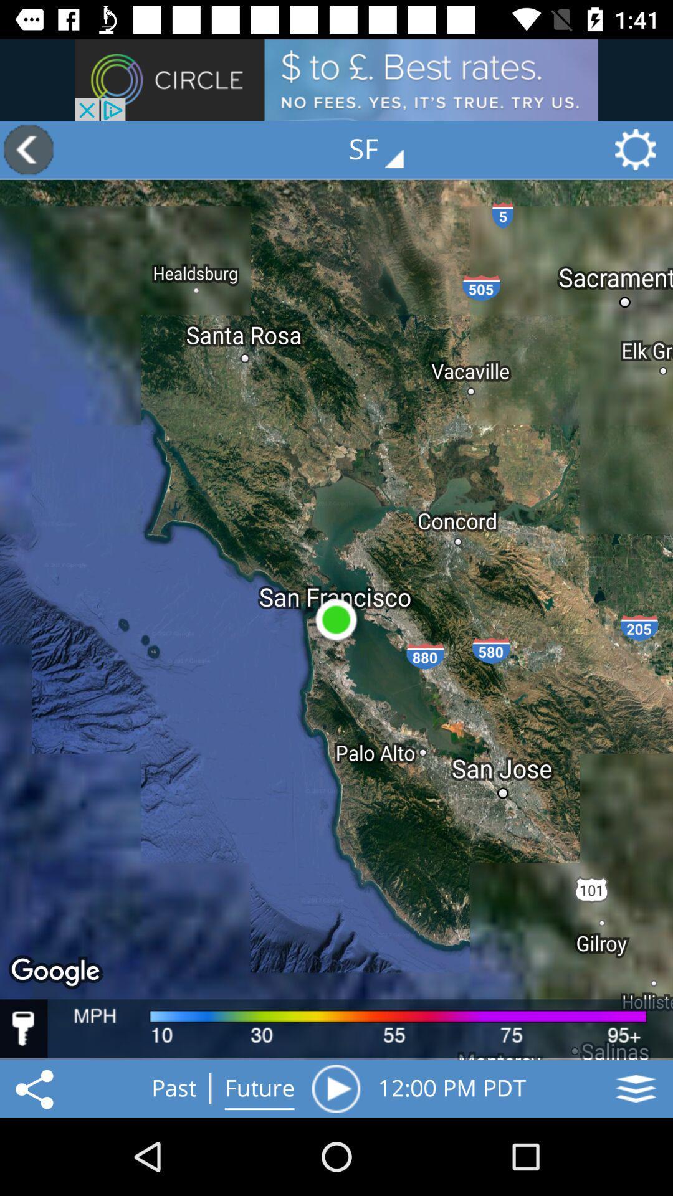  What do you see at coordinates (636, 1088) in the screenshot?
I see `the layers icon` at bounding box center [636, 1088].